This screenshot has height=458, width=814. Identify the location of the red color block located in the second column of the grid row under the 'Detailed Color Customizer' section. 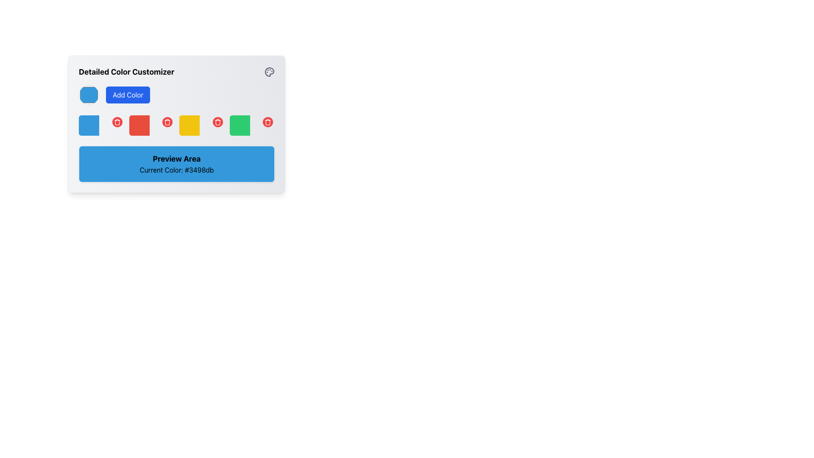
(151, 126).